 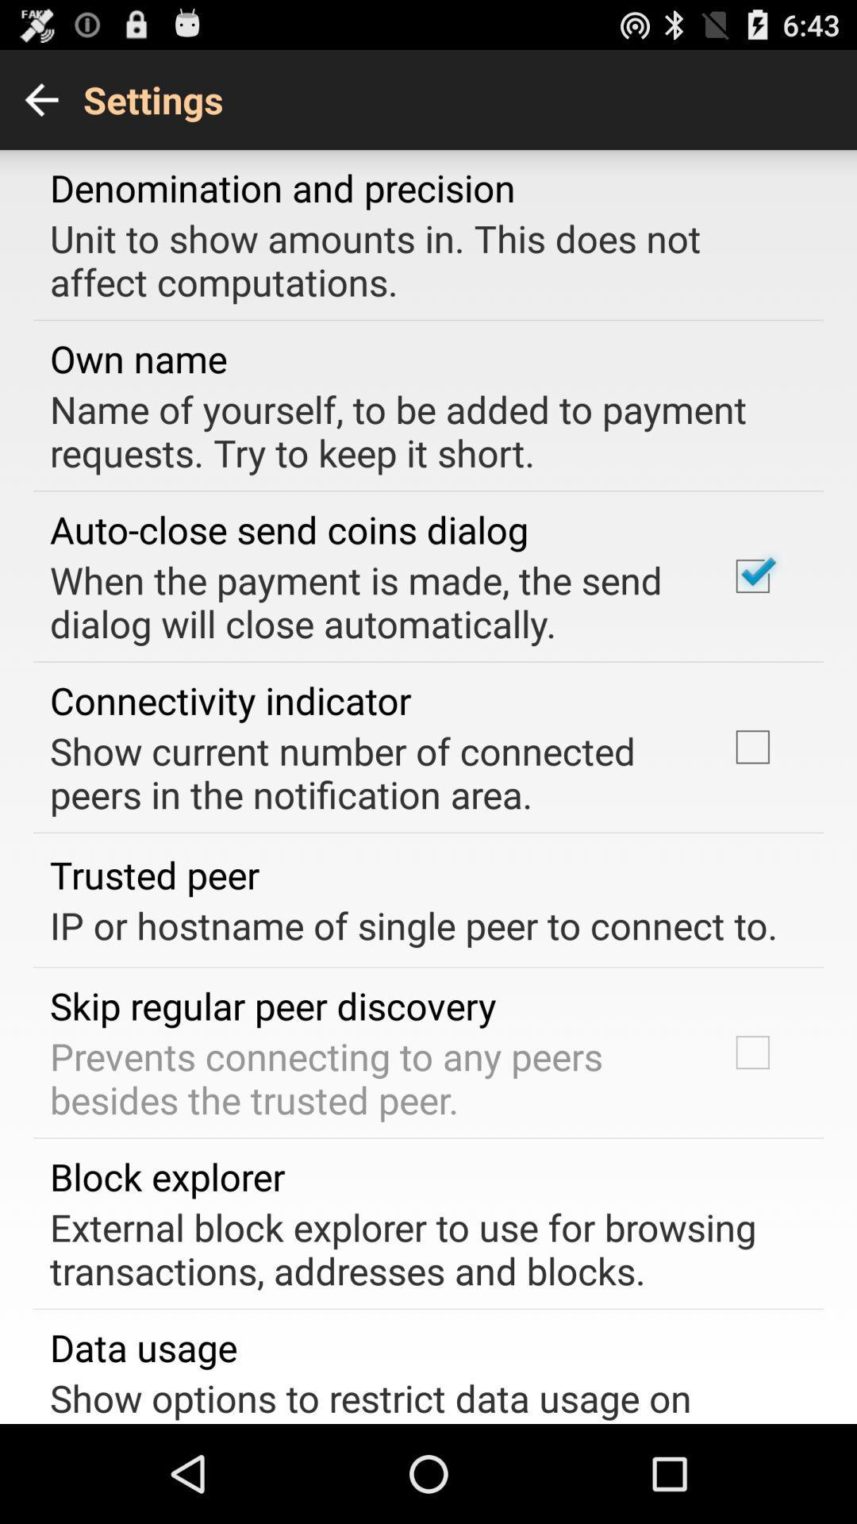 What do you see at coordinates (367, 1078) in the screenshot?
I see `the item above the block explorer icon` at bounding box center [367, 1078].